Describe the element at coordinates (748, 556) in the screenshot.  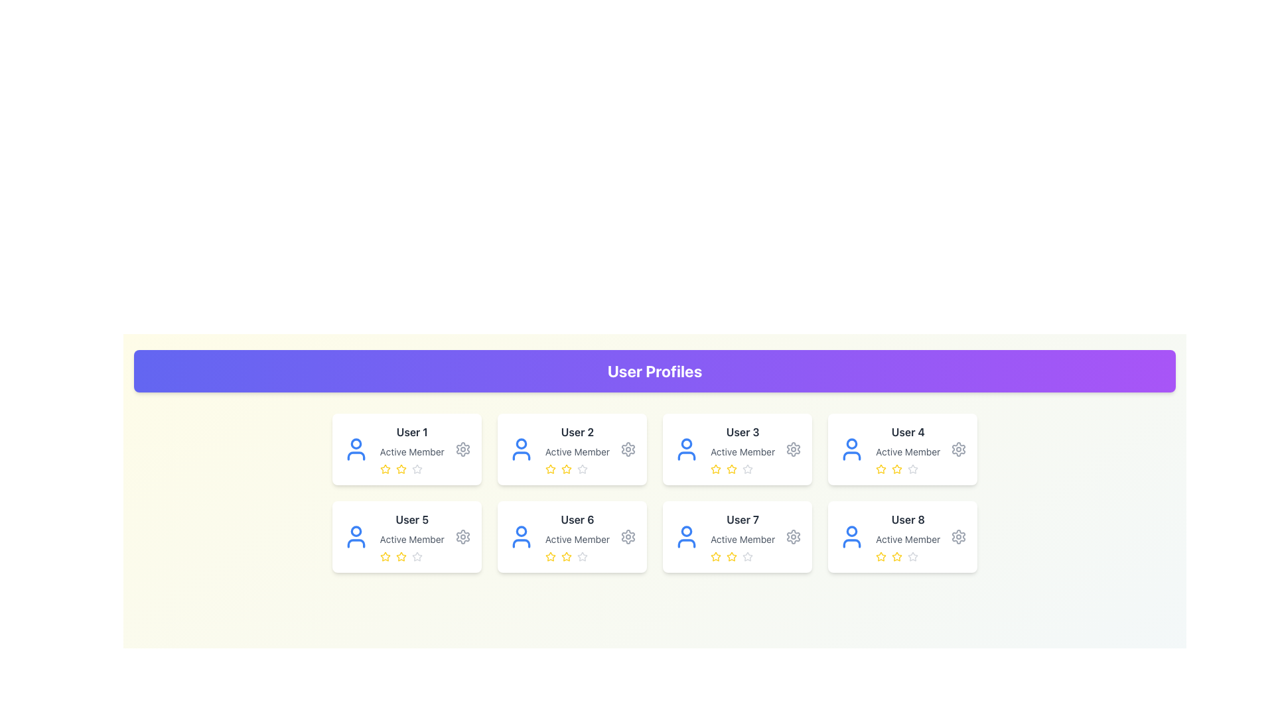
I see `from the third star icon in the row of rating stars under the 'User 7' profile card` at that location.